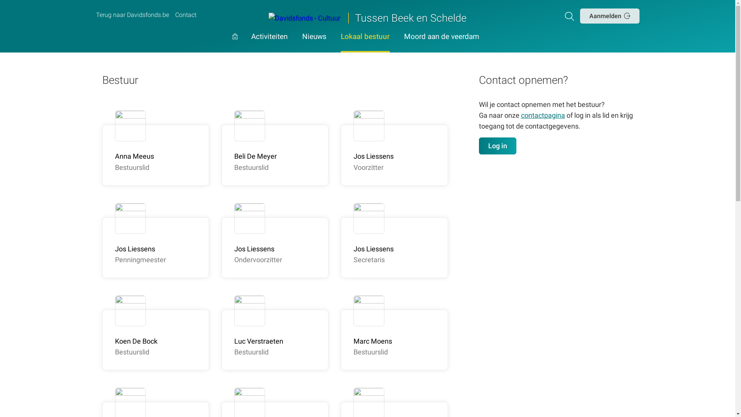  What do you see at coordinates (497, 146) in the screenshot?
I see `'Log in'` at bounding box center [497, 146].